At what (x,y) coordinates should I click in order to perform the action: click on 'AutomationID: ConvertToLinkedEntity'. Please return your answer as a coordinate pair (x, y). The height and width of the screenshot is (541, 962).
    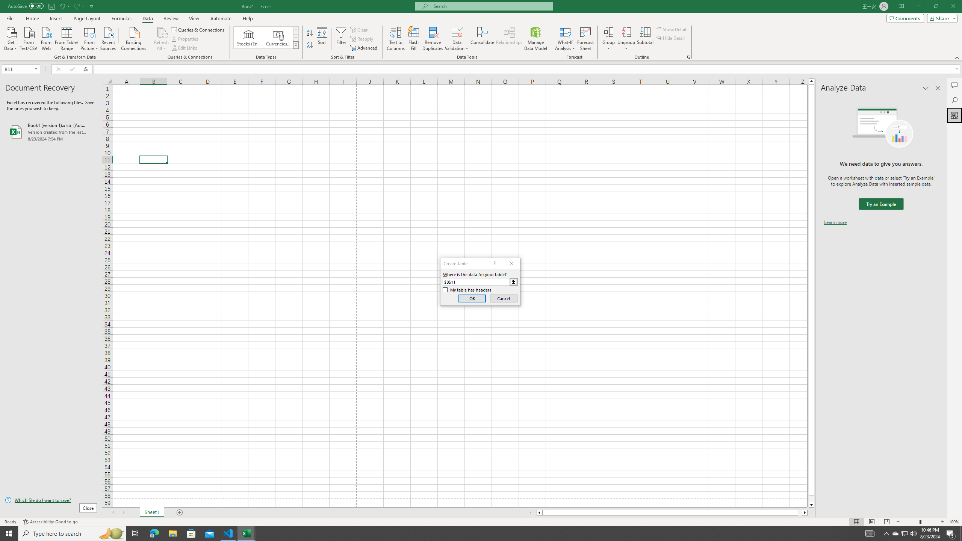
    Looking at the image, I should click on (266, 37).